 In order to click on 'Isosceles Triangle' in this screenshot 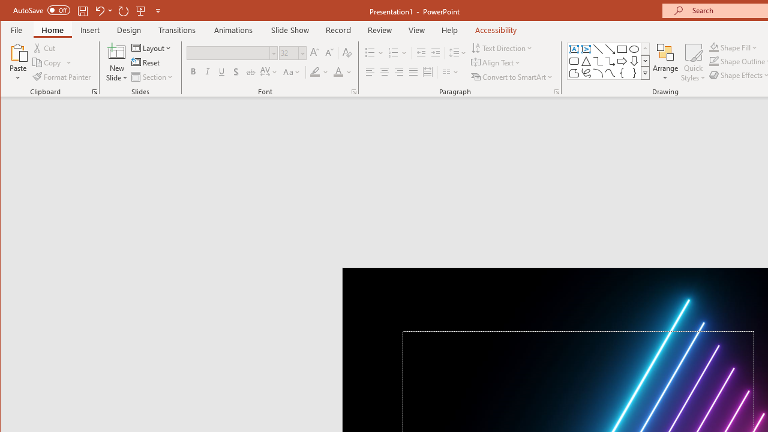, I will do `click(586, 61)`.